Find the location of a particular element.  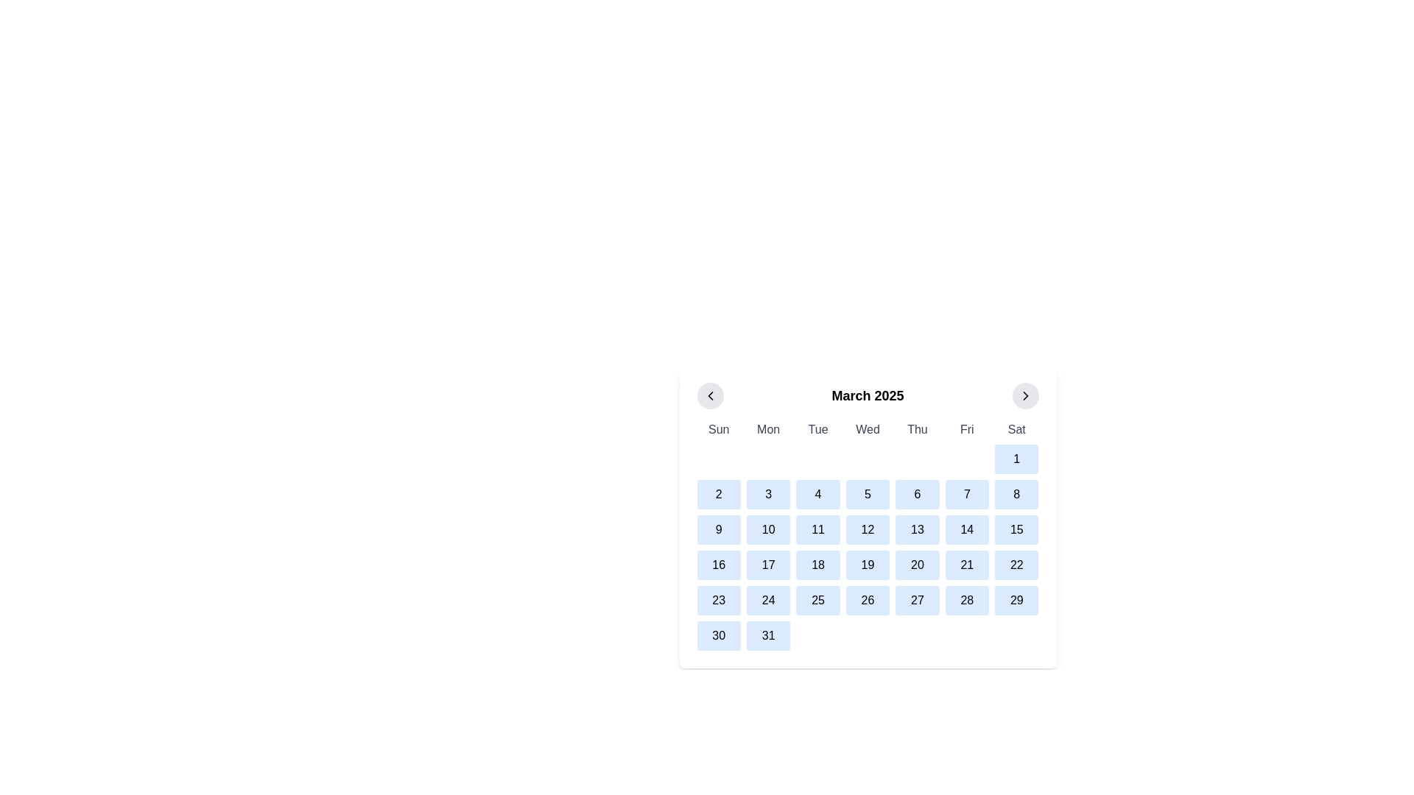

the clickable calendar cell displaying the number '17' in bold text is located at coordinates (767, 564).